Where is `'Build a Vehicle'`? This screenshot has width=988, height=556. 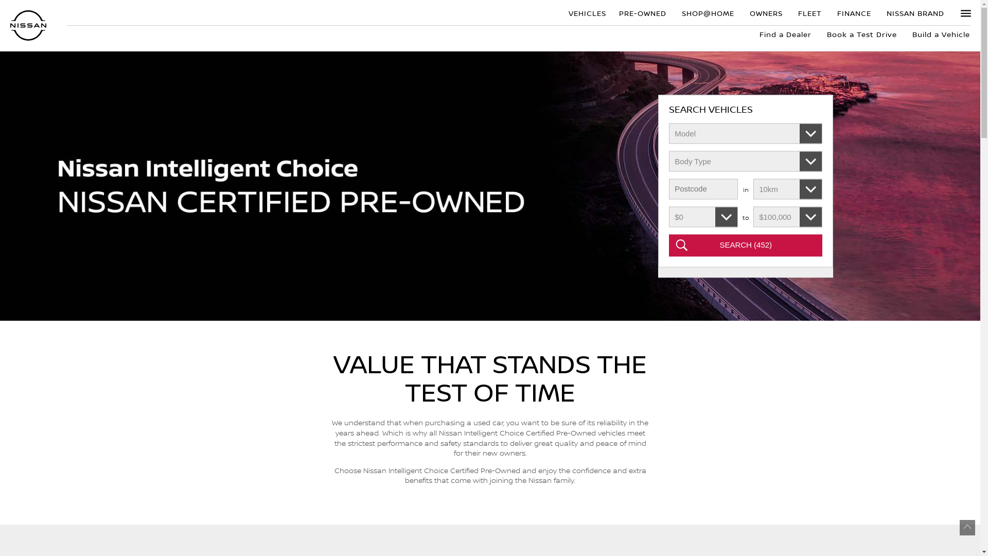 'Build a Vehicle' is located at coordinates (937, 33).